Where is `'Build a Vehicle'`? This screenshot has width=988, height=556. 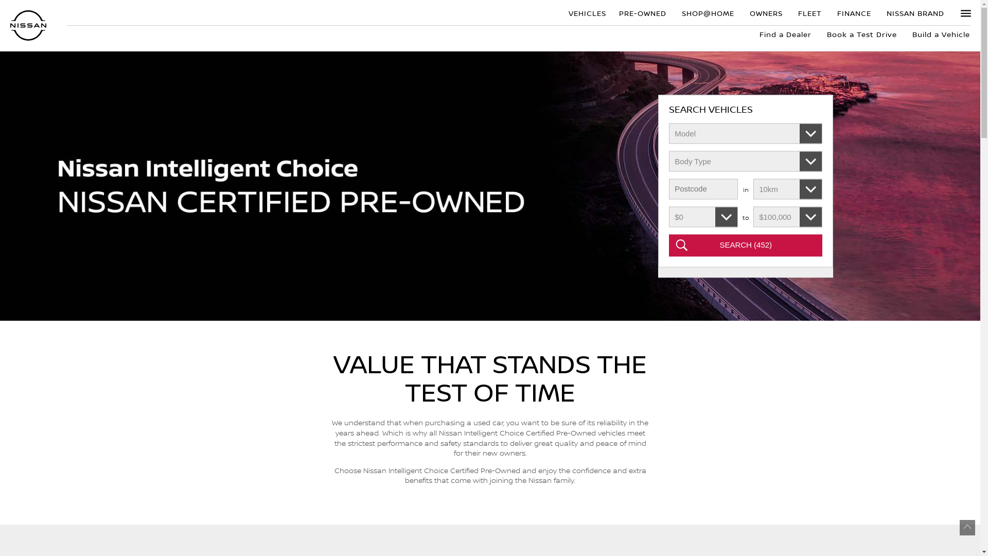 'Build a Vehicle' is located at coordinates (937, 33).